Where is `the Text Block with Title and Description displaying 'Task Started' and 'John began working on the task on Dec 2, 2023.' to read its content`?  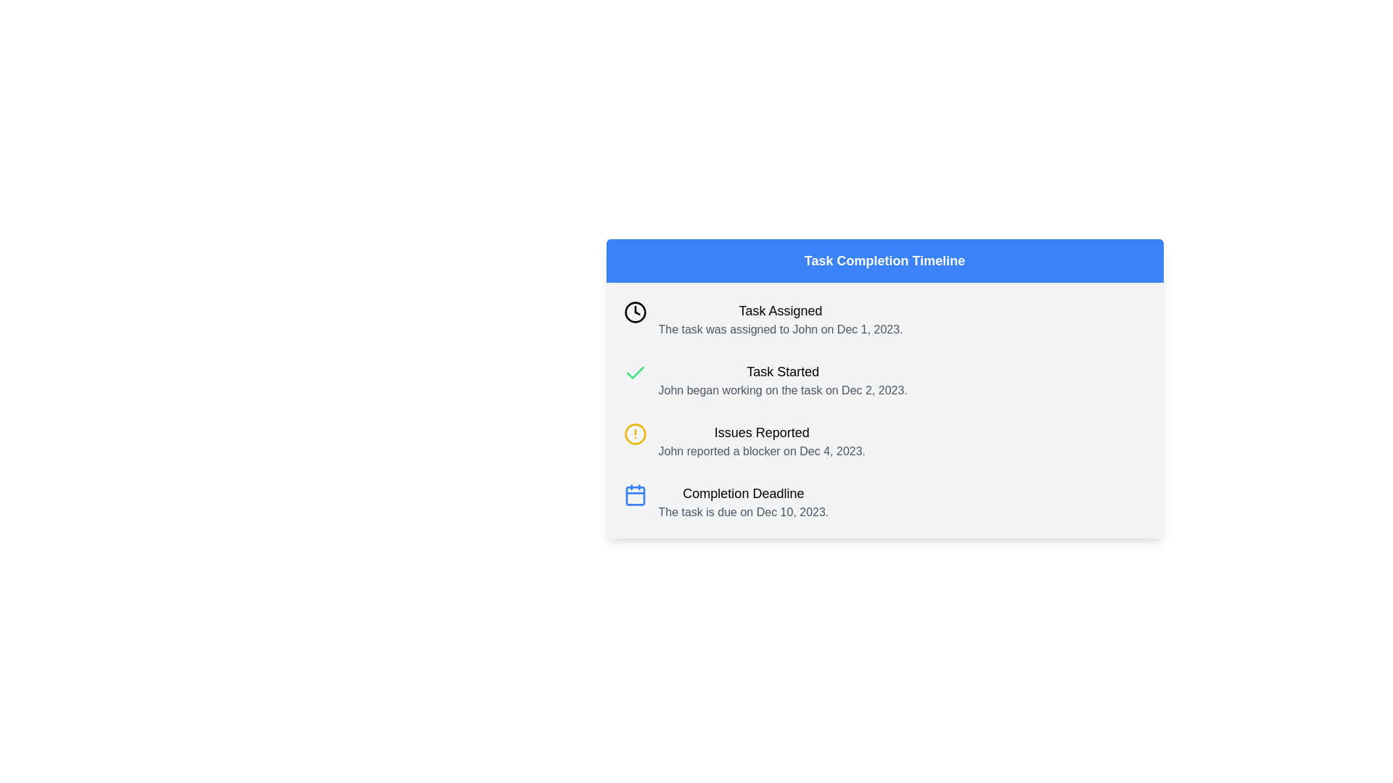 the Text Block with Title and Description displaying 'Task Started' and 'John began working on the task on Dec 2, 2023.' to read its content is located at coordinates (782, 379).